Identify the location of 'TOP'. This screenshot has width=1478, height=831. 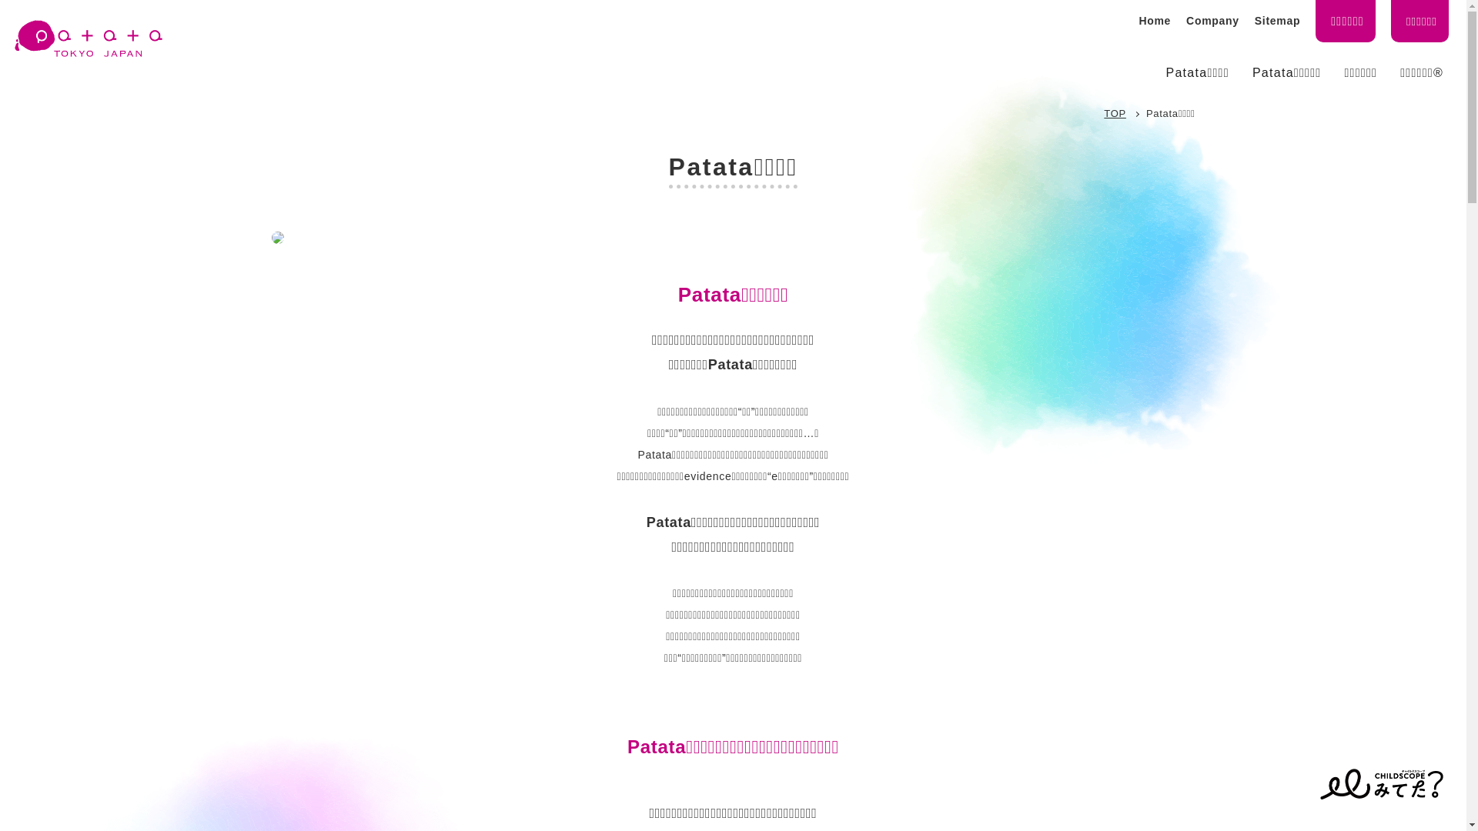
(1115, 112).